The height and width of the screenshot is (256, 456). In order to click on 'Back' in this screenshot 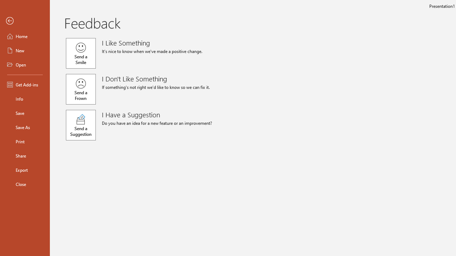, I will do `click(25, 21)`.